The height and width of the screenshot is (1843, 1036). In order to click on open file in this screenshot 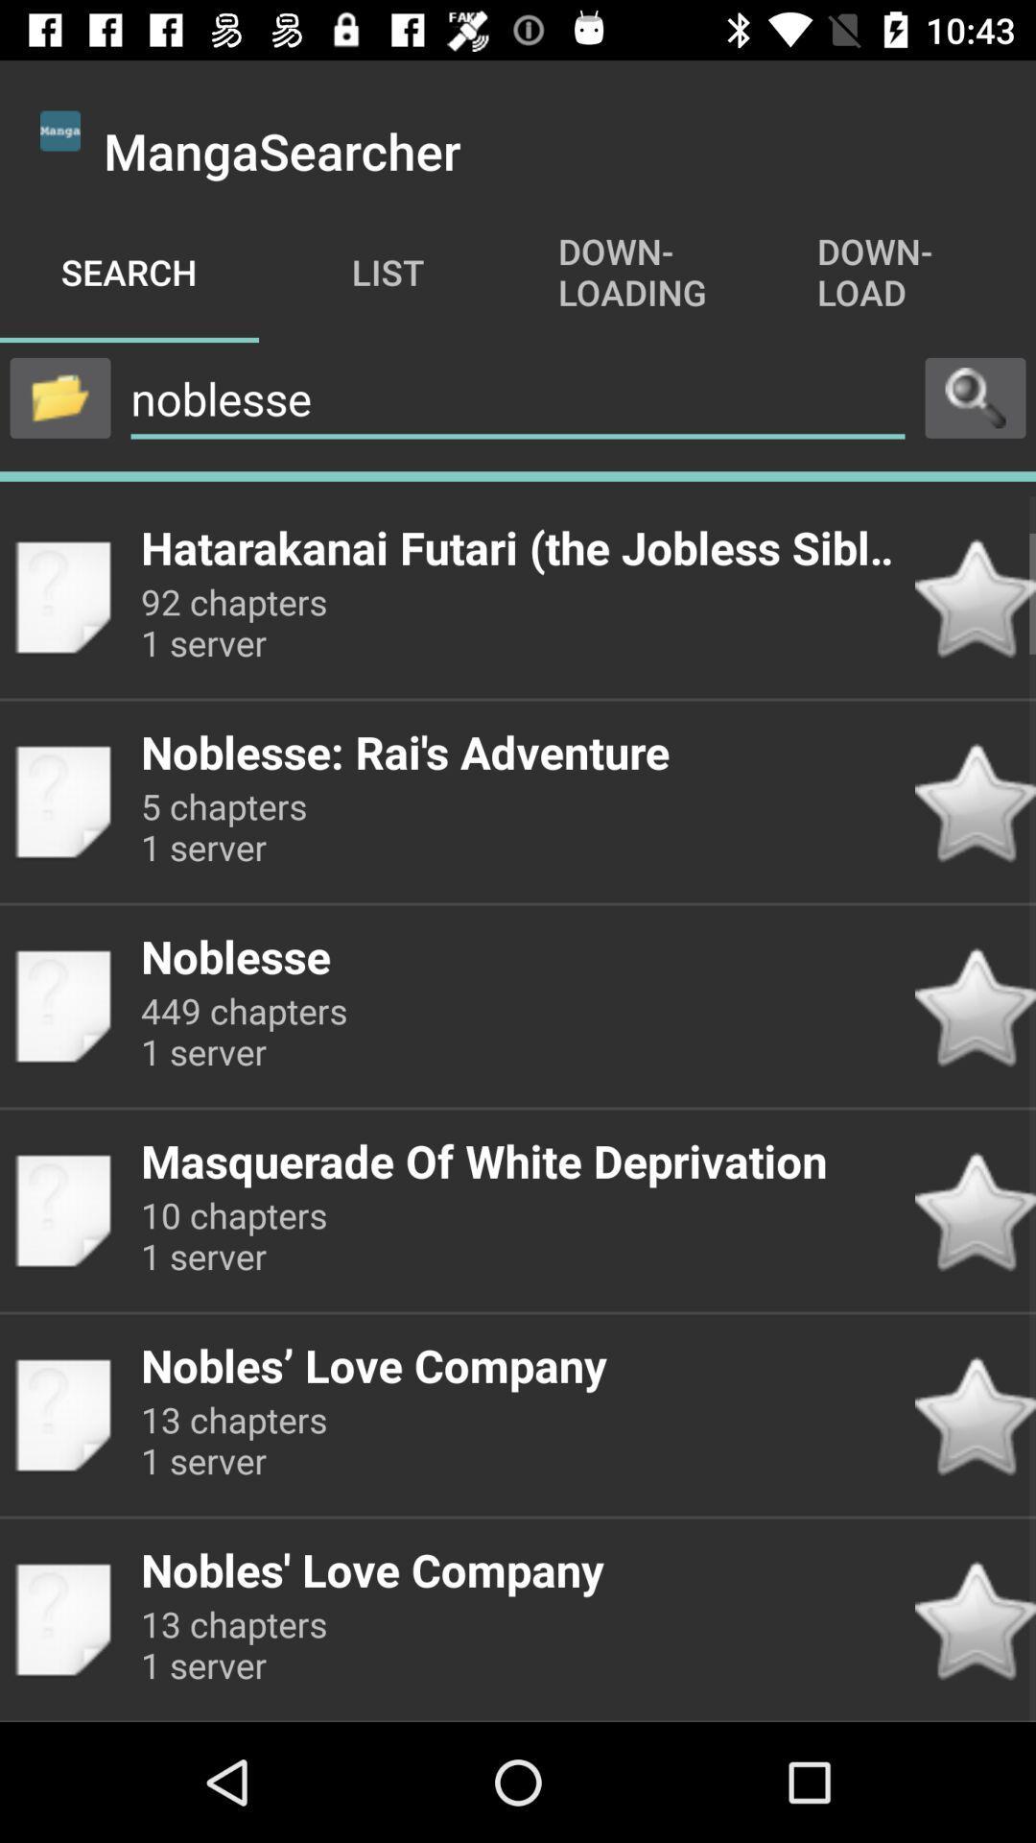, I will do `click(59, 396)`.